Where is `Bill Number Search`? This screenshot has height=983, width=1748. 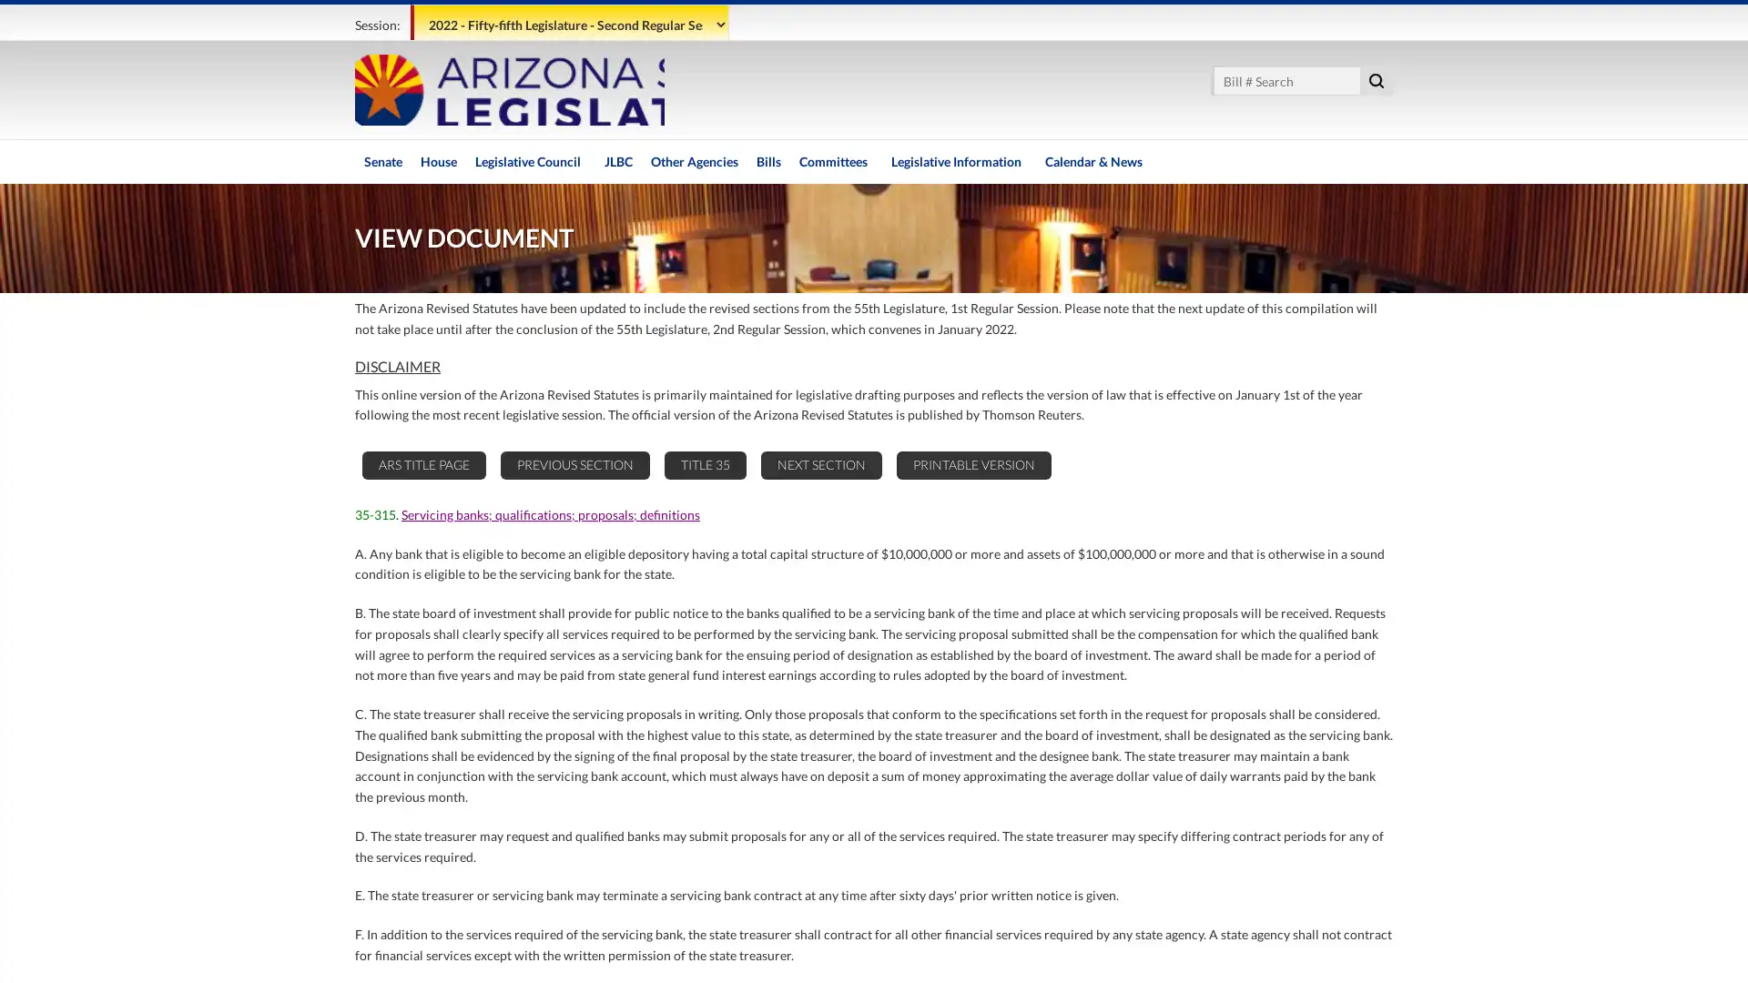
Bill Number Search is located at coordinates (1377, 79).